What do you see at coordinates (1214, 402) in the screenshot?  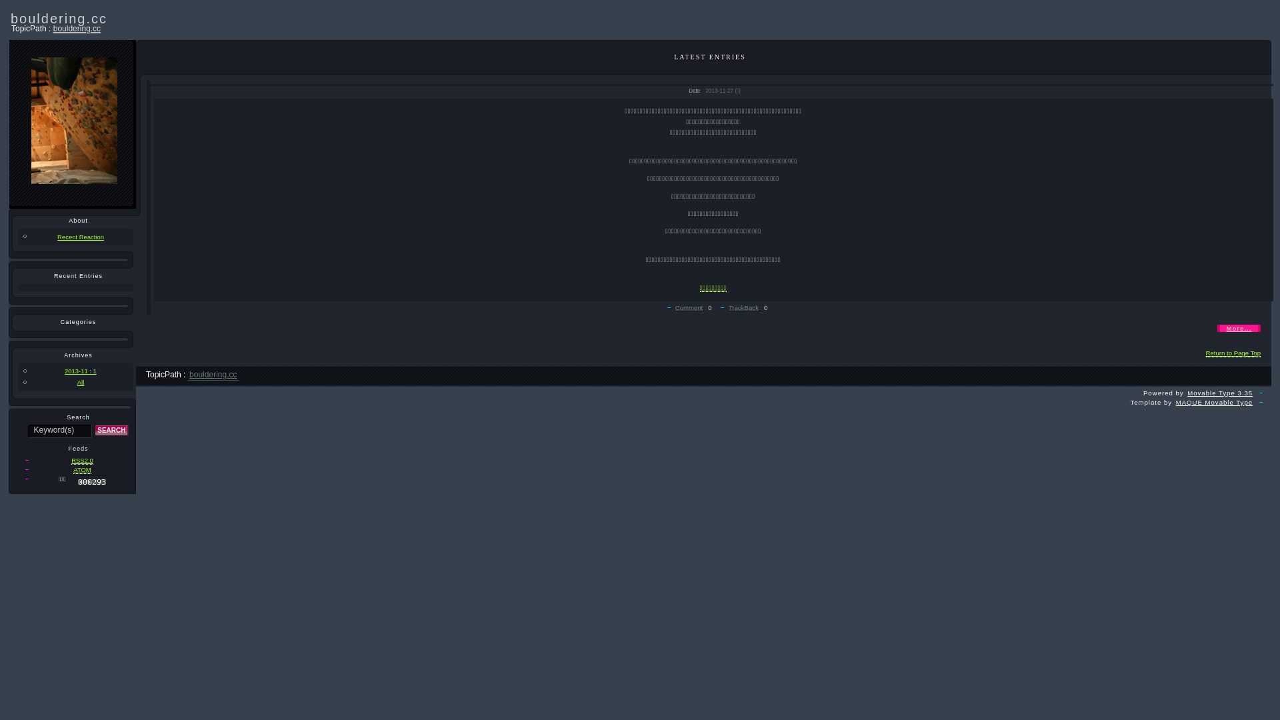 I see `'MAQUE Movable Type'` at bounding box center [1214, 402].